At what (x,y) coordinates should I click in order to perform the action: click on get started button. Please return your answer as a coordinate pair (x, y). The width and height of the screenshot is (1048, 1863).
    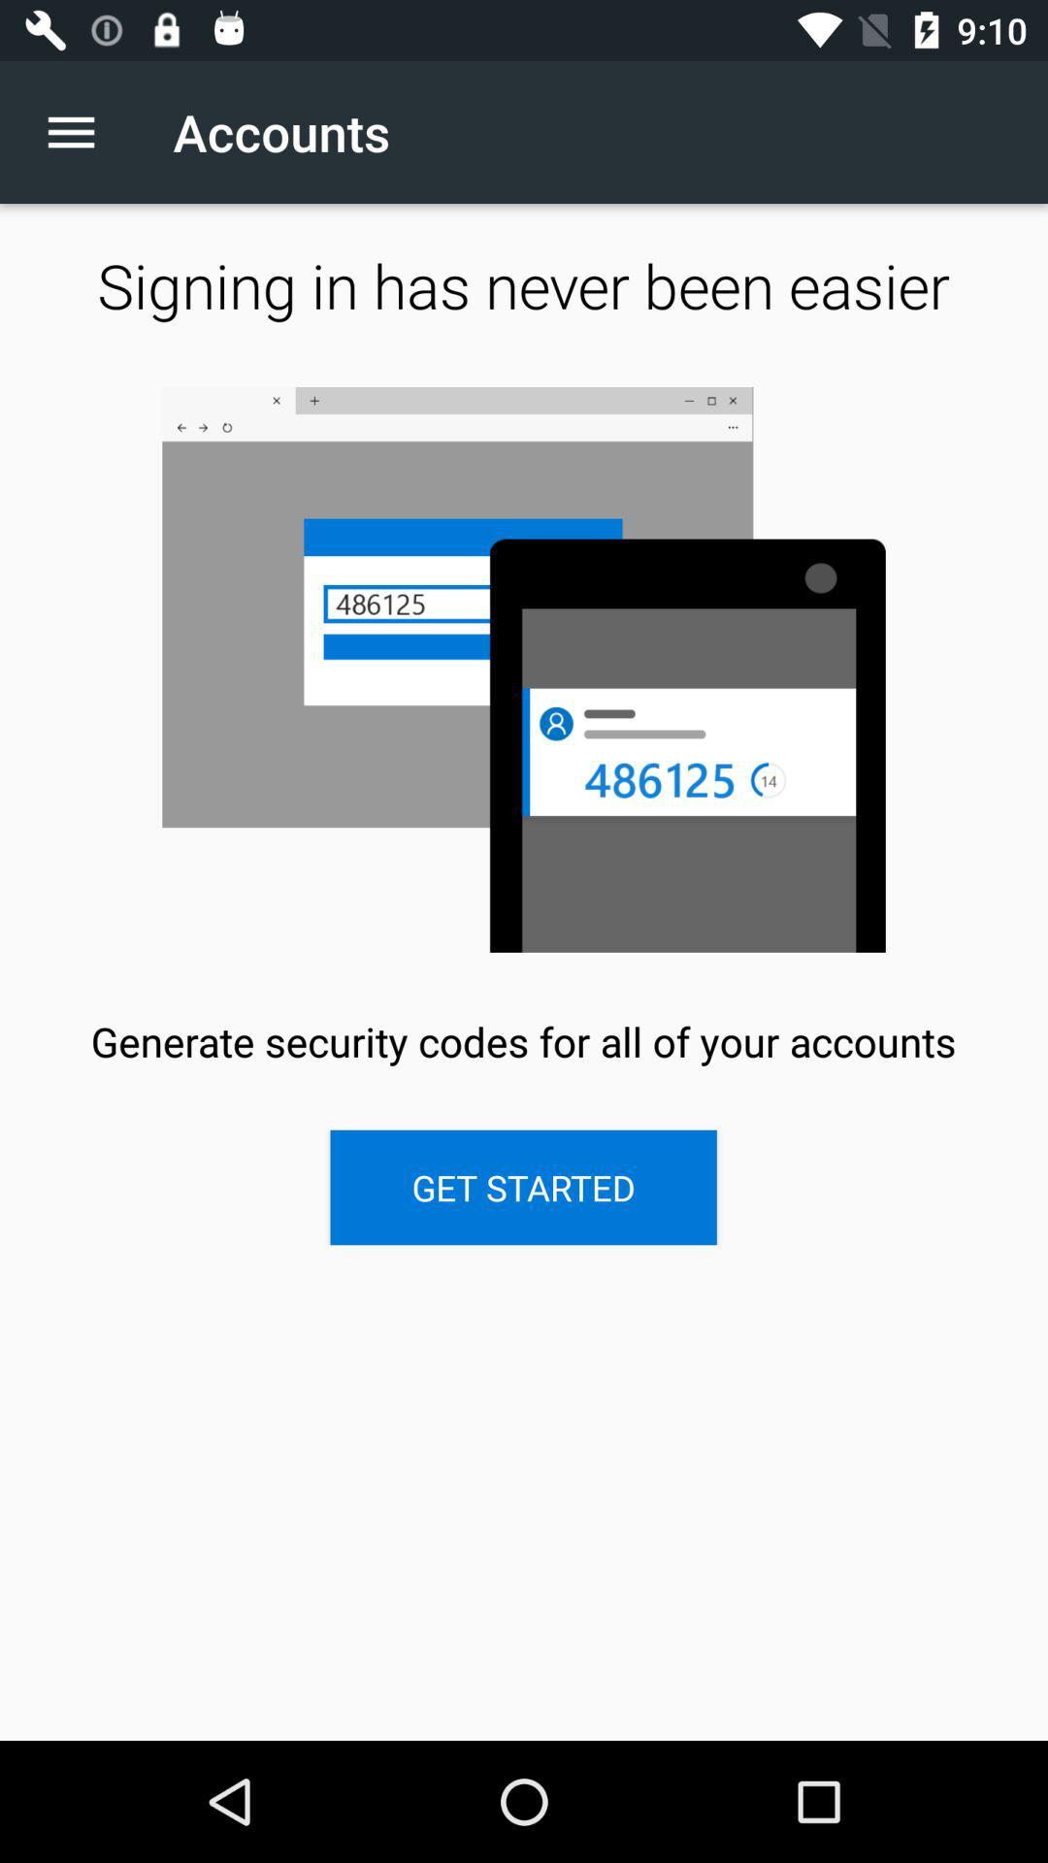
    Looking at the image, I should click on (522, 1187).